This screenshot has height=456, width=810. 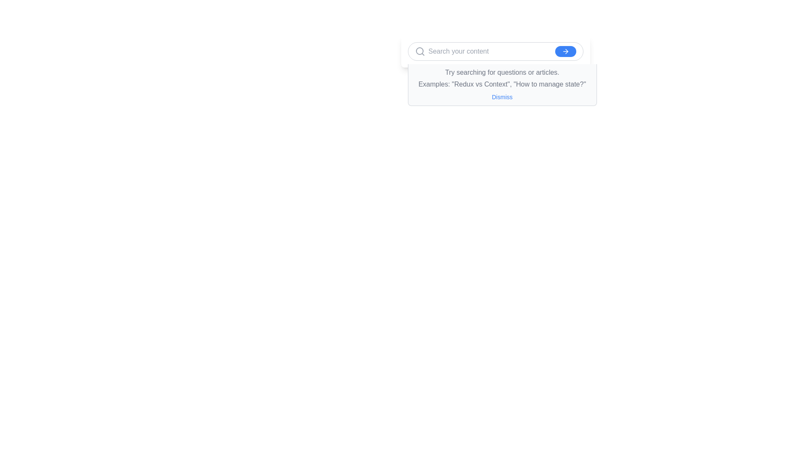 What do you see at coordinates (565, 52) in the screenshot?
I see `the submission button located at the right end of the search bar` at bounding box center [565, 52].